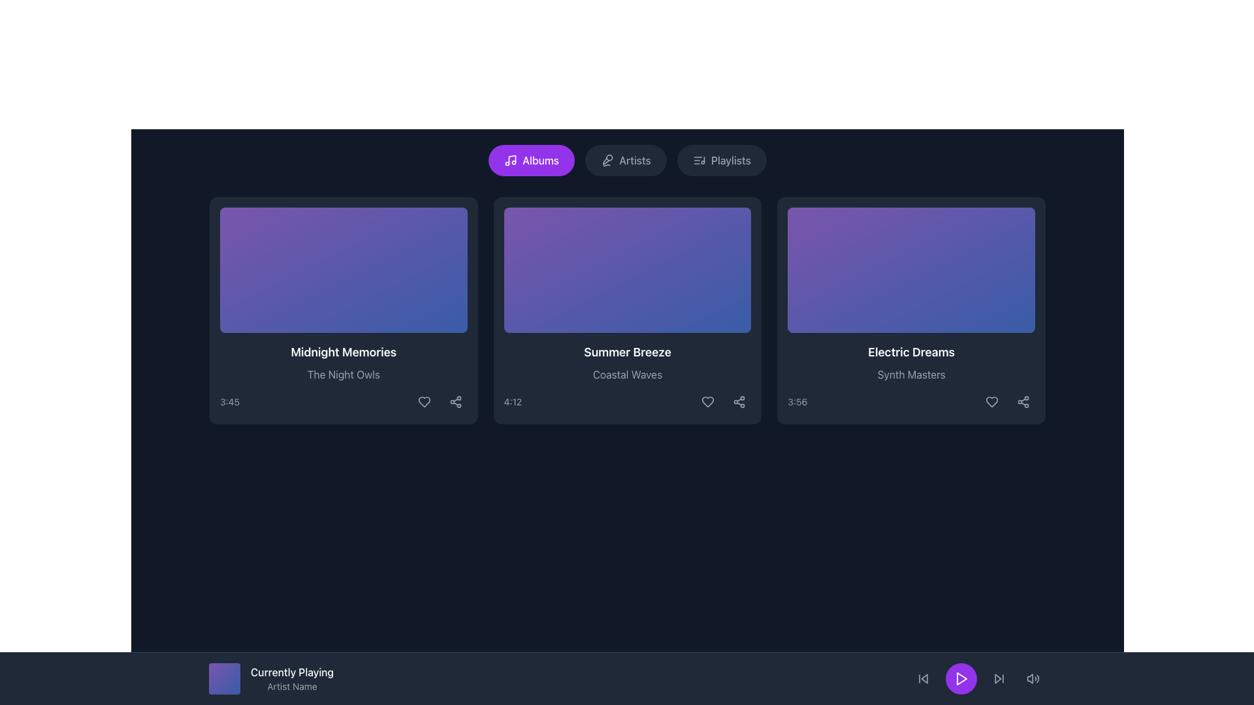 The width and height of the screenshot is (1254, 705). I want to click on the 'Playlists' button, which visually represents the 'Playlists' section of the application, located on the top navigation bar next to 'Albums' and 'Artists', so click(698, 160).